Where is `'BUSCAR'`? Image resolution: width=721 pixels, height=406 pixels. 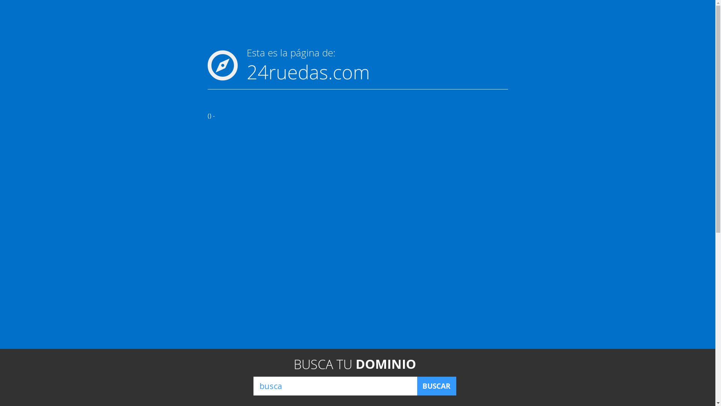 'BUSCAR' is located at coordinates (436, 386).